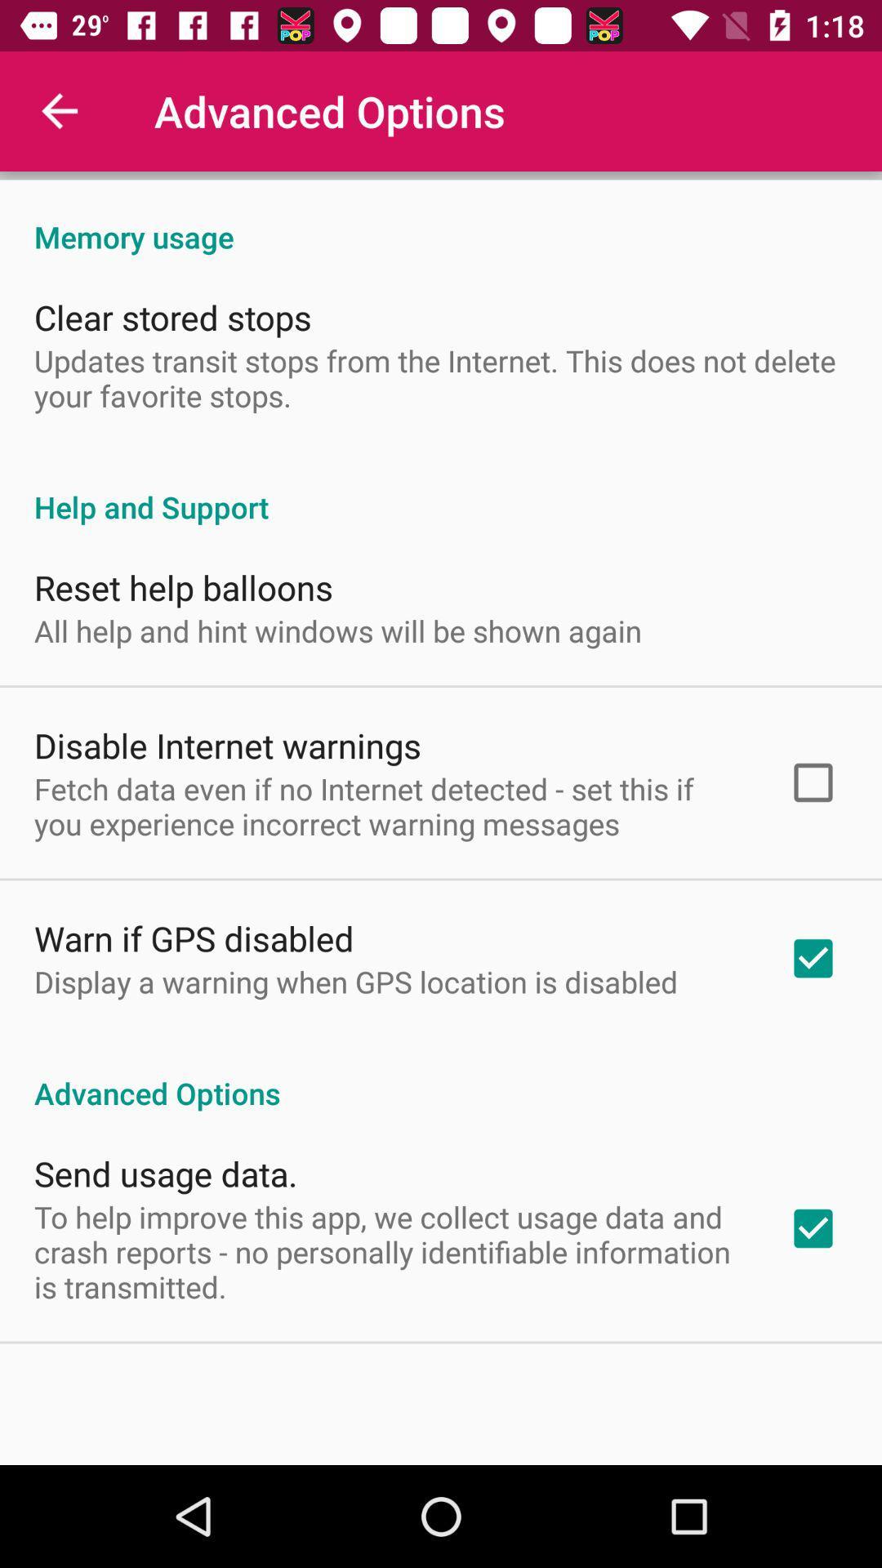 Image resolution: width=882 pixels, height=1568 pixels. Describe the element at coordinates (59, 110) in the screenshot. I see `icon to the left of the advanced options` at that location.